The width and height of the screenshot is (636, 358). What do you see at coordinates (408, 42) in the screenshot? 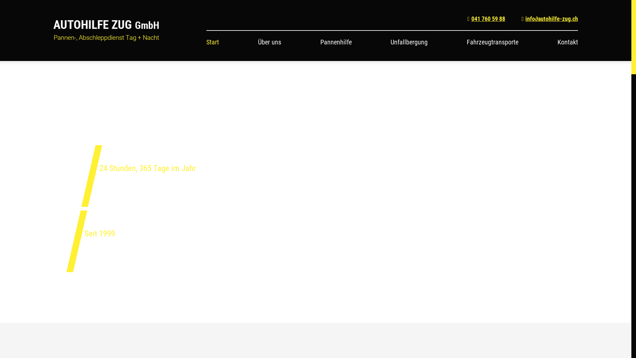
I see `'Unfallbergung'` at bounding box center [408, 42].